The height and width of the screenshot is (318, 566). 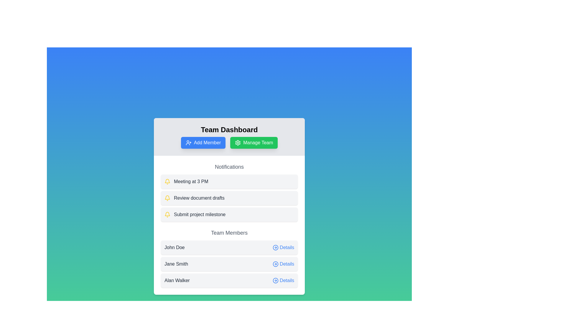 I want to click on the 'Details' button icon associated with the member 'John Doe', so click(x=275, y=247).